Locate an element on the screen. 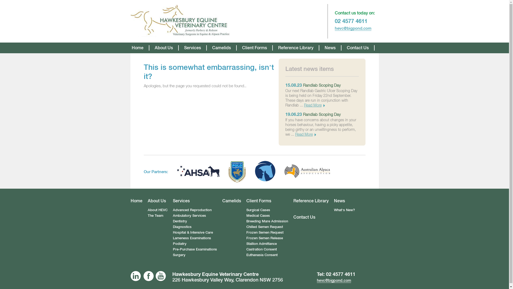 This screenshot has height=289, width=513. 'News' is located at coordinates (333, 201).